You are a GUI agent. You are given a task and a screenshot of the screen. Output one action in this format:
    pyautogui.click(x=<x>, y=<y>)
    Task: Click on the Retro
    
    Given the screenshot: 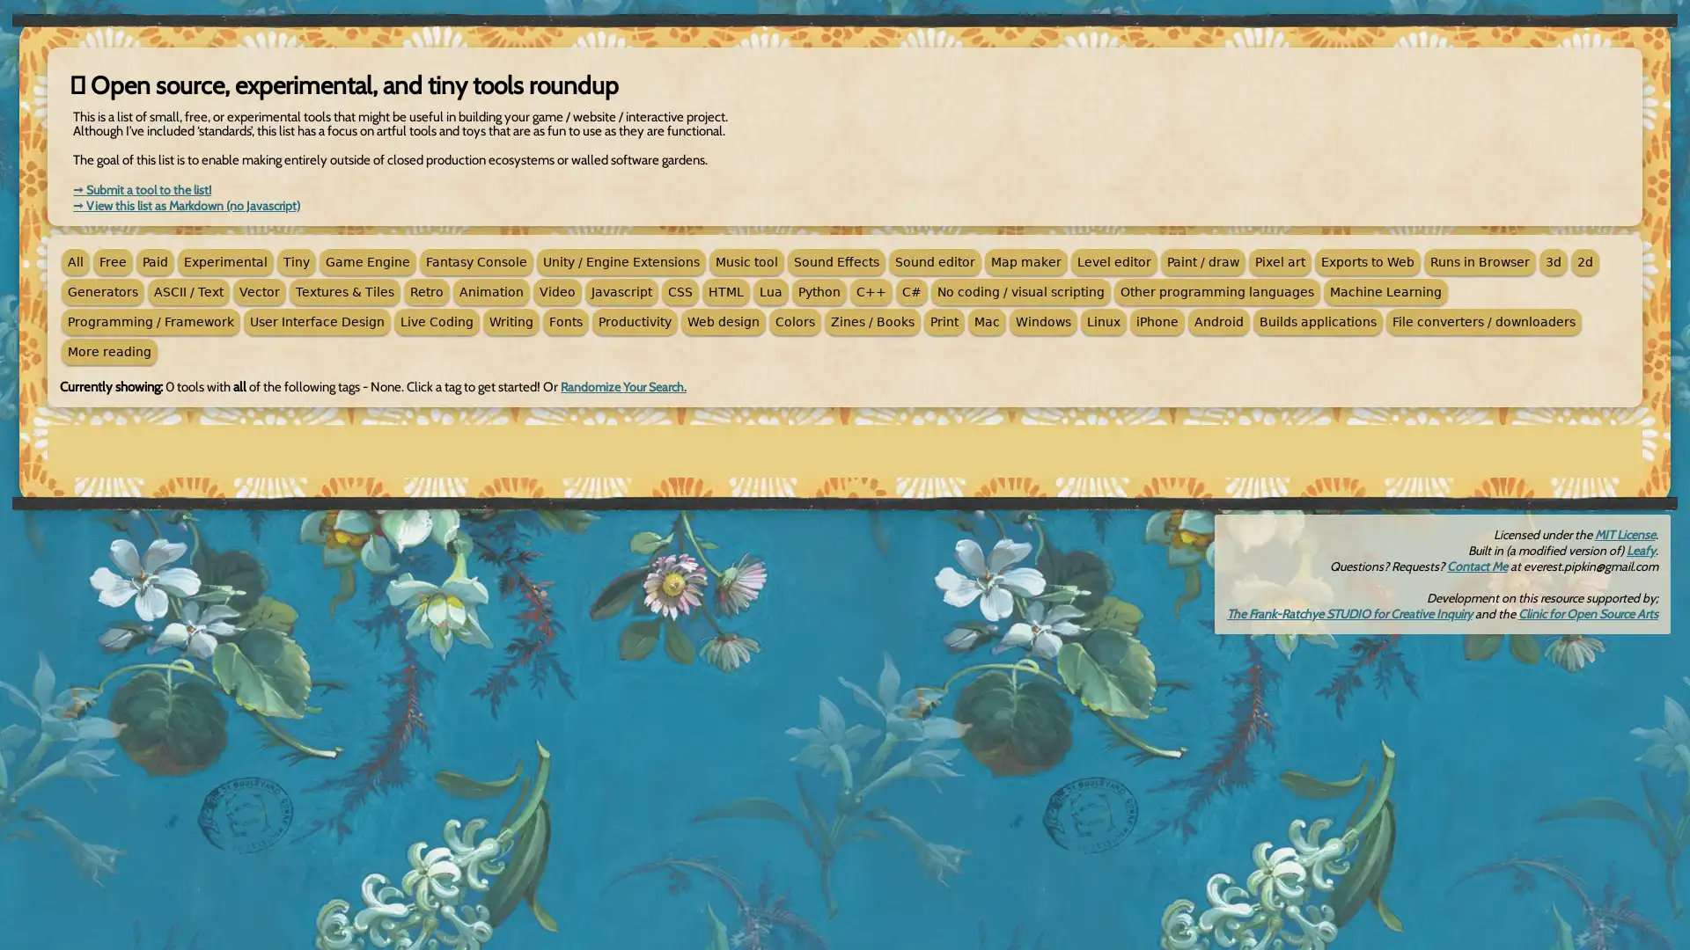 What is the action you would take?
    pyautogui.click(x=426, y=290)
    